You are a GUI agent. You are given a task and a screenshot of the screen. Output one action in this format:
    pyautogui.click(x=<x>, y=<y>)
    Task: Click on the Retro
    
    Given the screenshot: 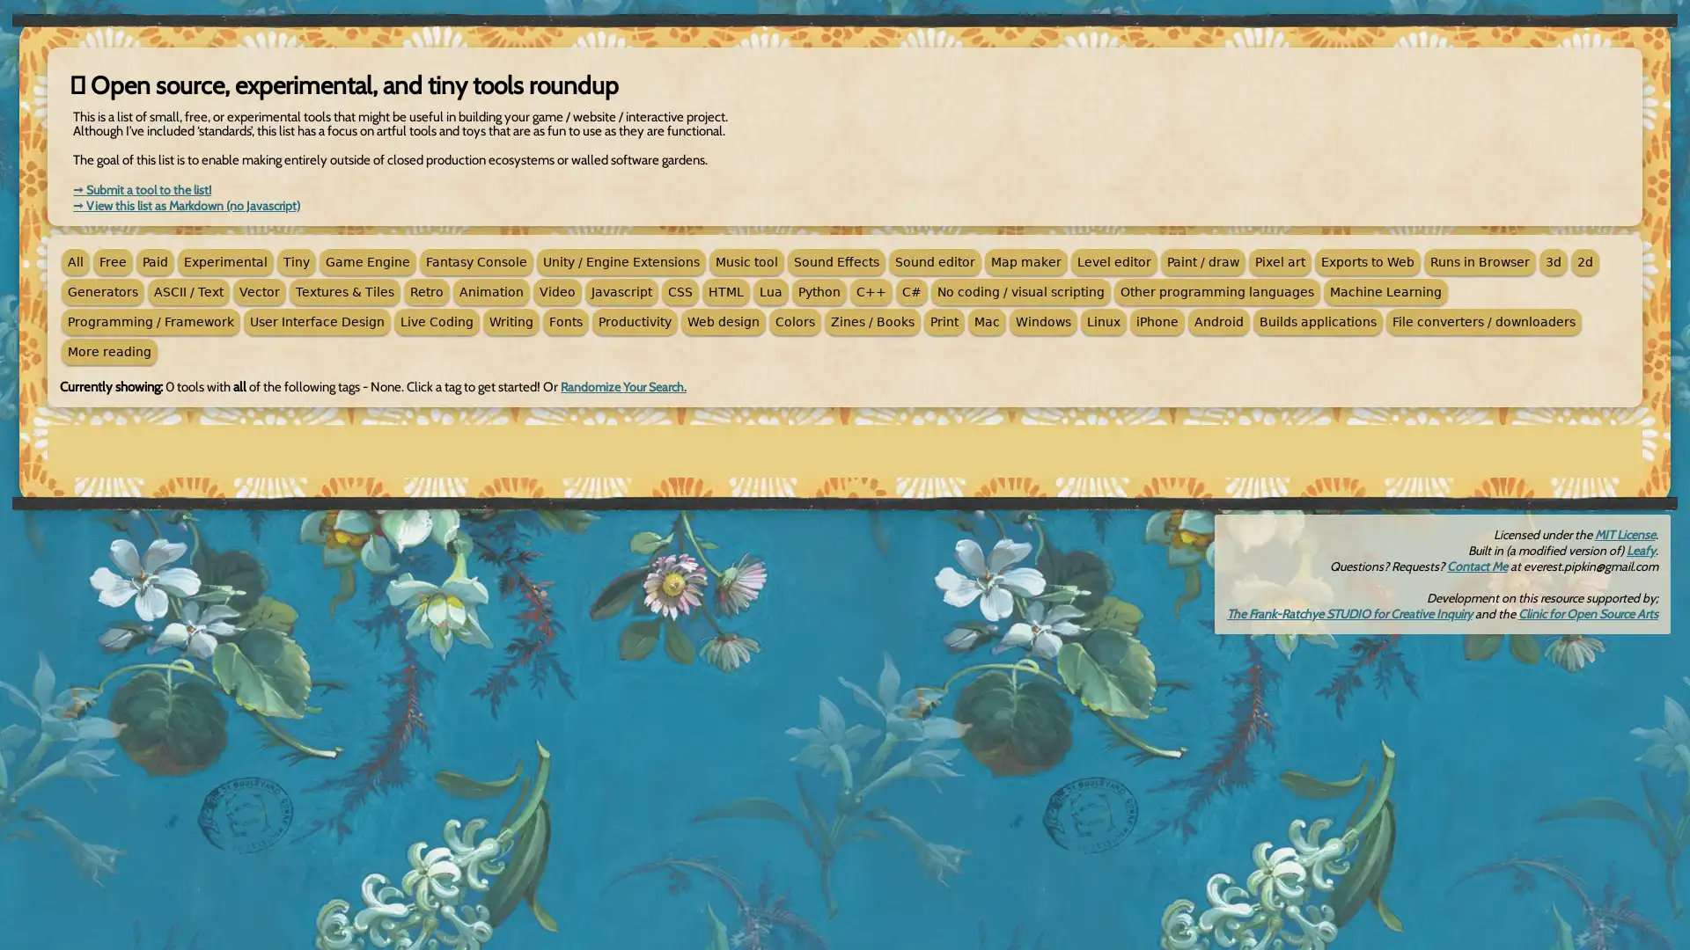 What is the action you would take?
    pyautogui.click(x=426, y=290)
    